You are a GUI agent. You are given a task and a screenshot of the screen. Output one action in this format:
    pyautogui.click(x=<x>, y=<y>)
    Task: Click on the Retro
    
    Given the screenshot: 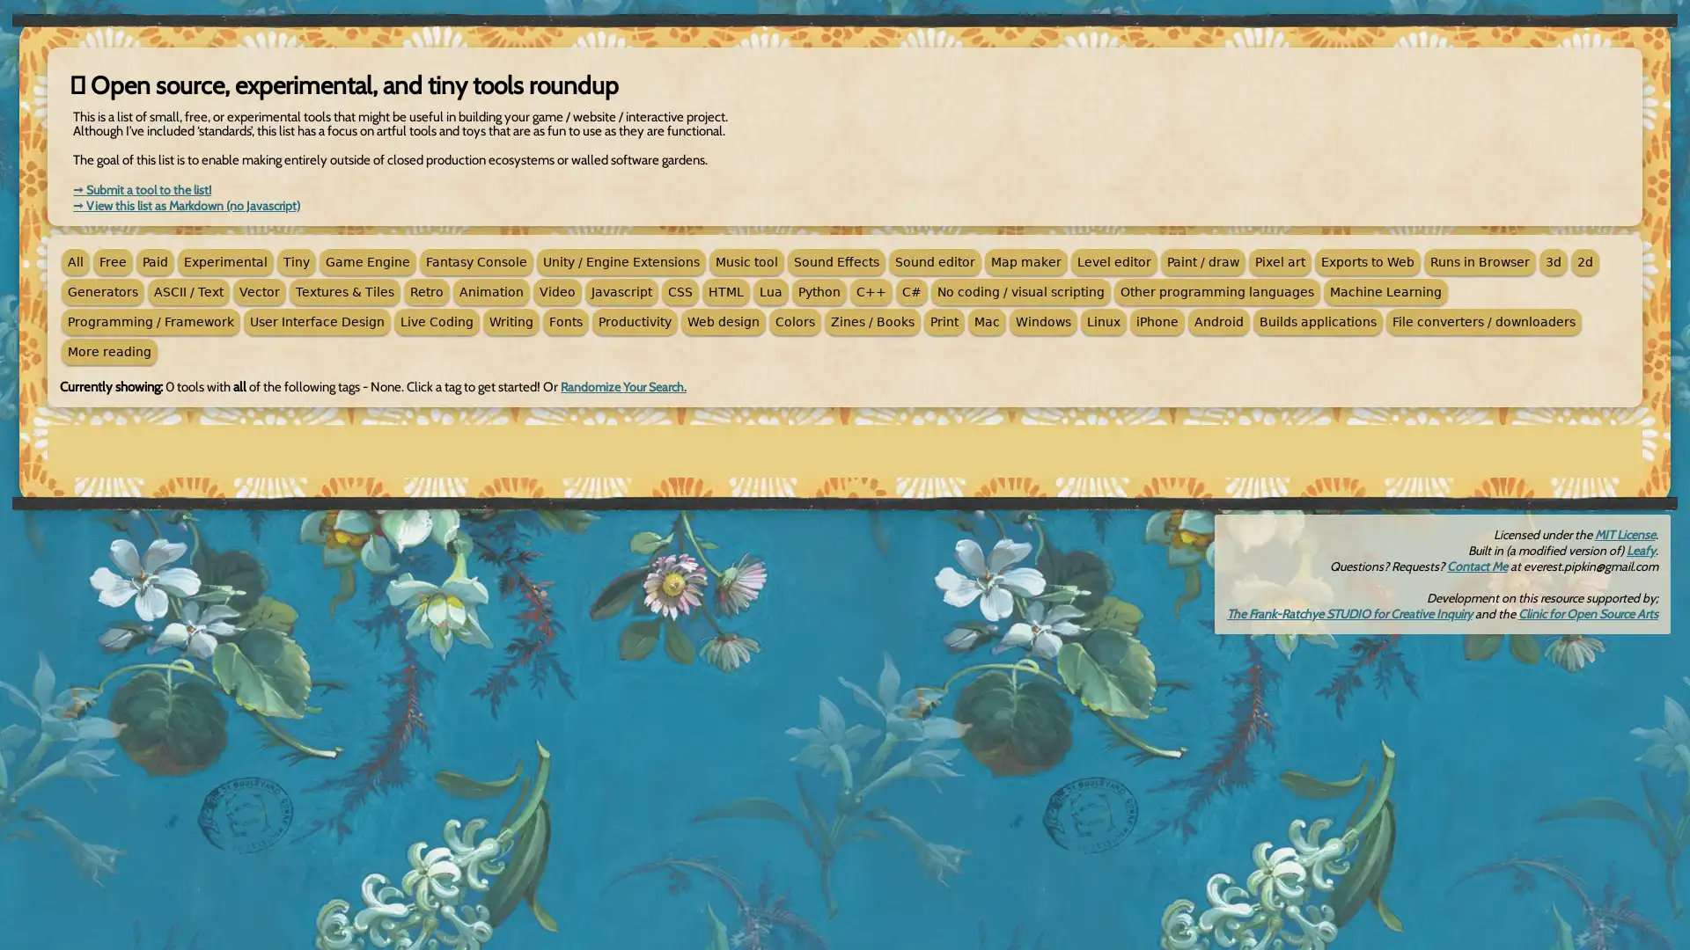 What is the action you would take?
    pyautogui.click(x=426, y=290)
    